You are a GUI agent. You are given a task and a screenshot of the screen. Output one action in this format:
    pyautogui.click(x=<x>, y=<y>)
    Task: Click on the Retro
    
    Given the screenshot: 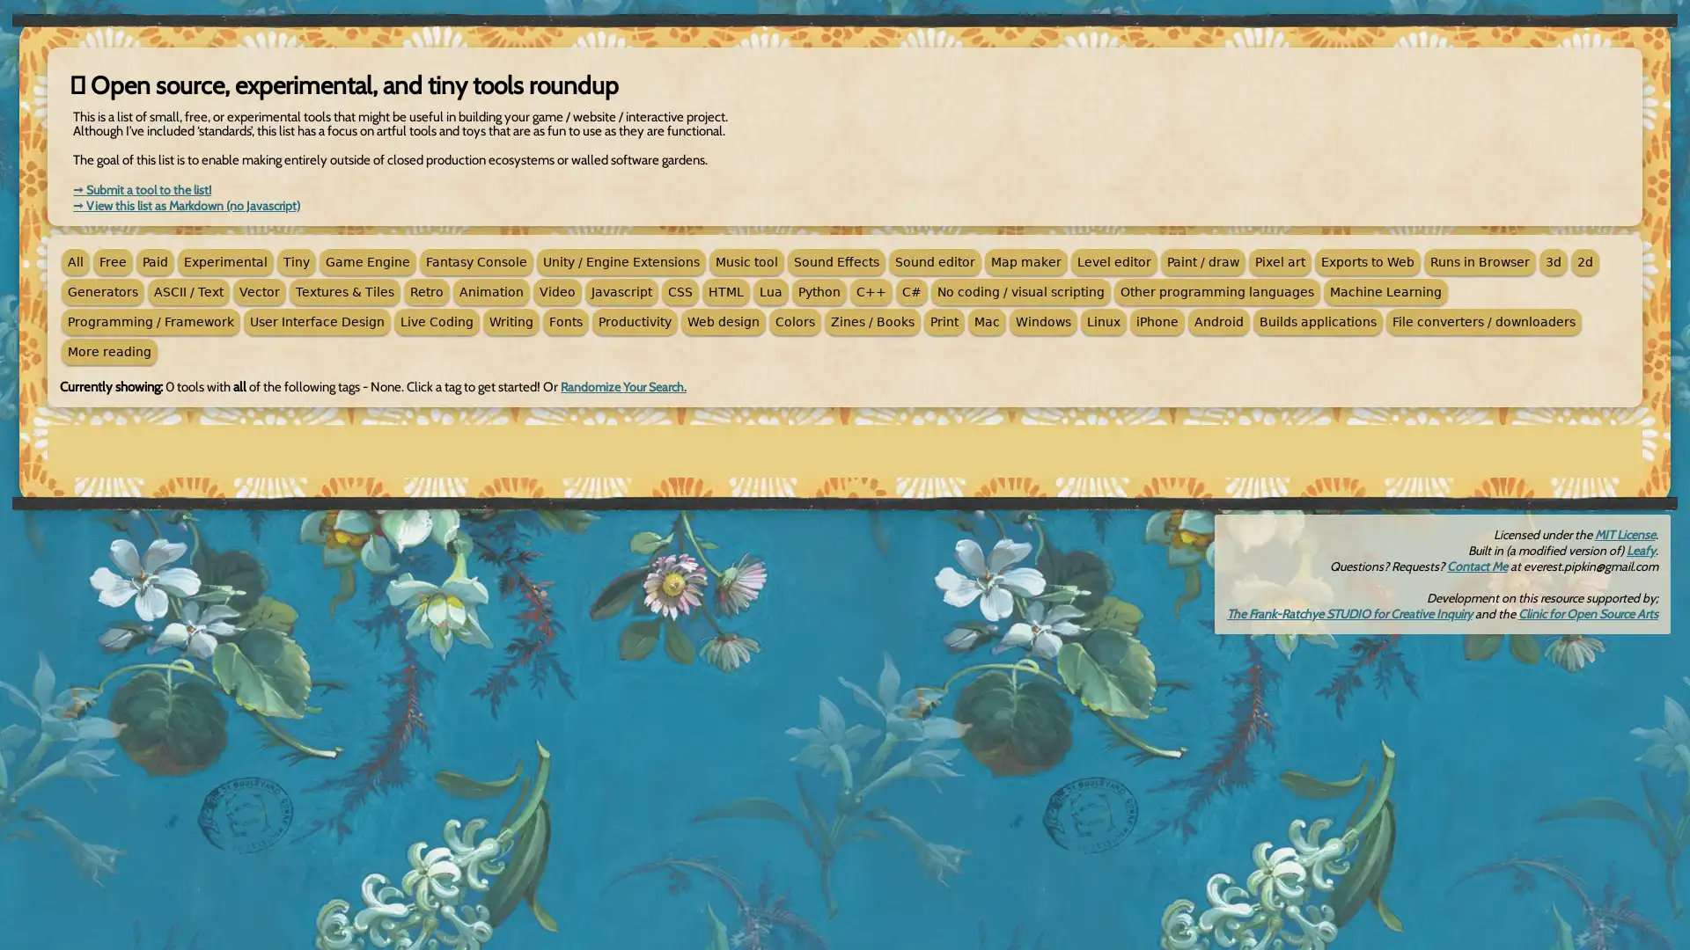 What is the action you would take?
    pyautogui.click(x=426, y=290)
    